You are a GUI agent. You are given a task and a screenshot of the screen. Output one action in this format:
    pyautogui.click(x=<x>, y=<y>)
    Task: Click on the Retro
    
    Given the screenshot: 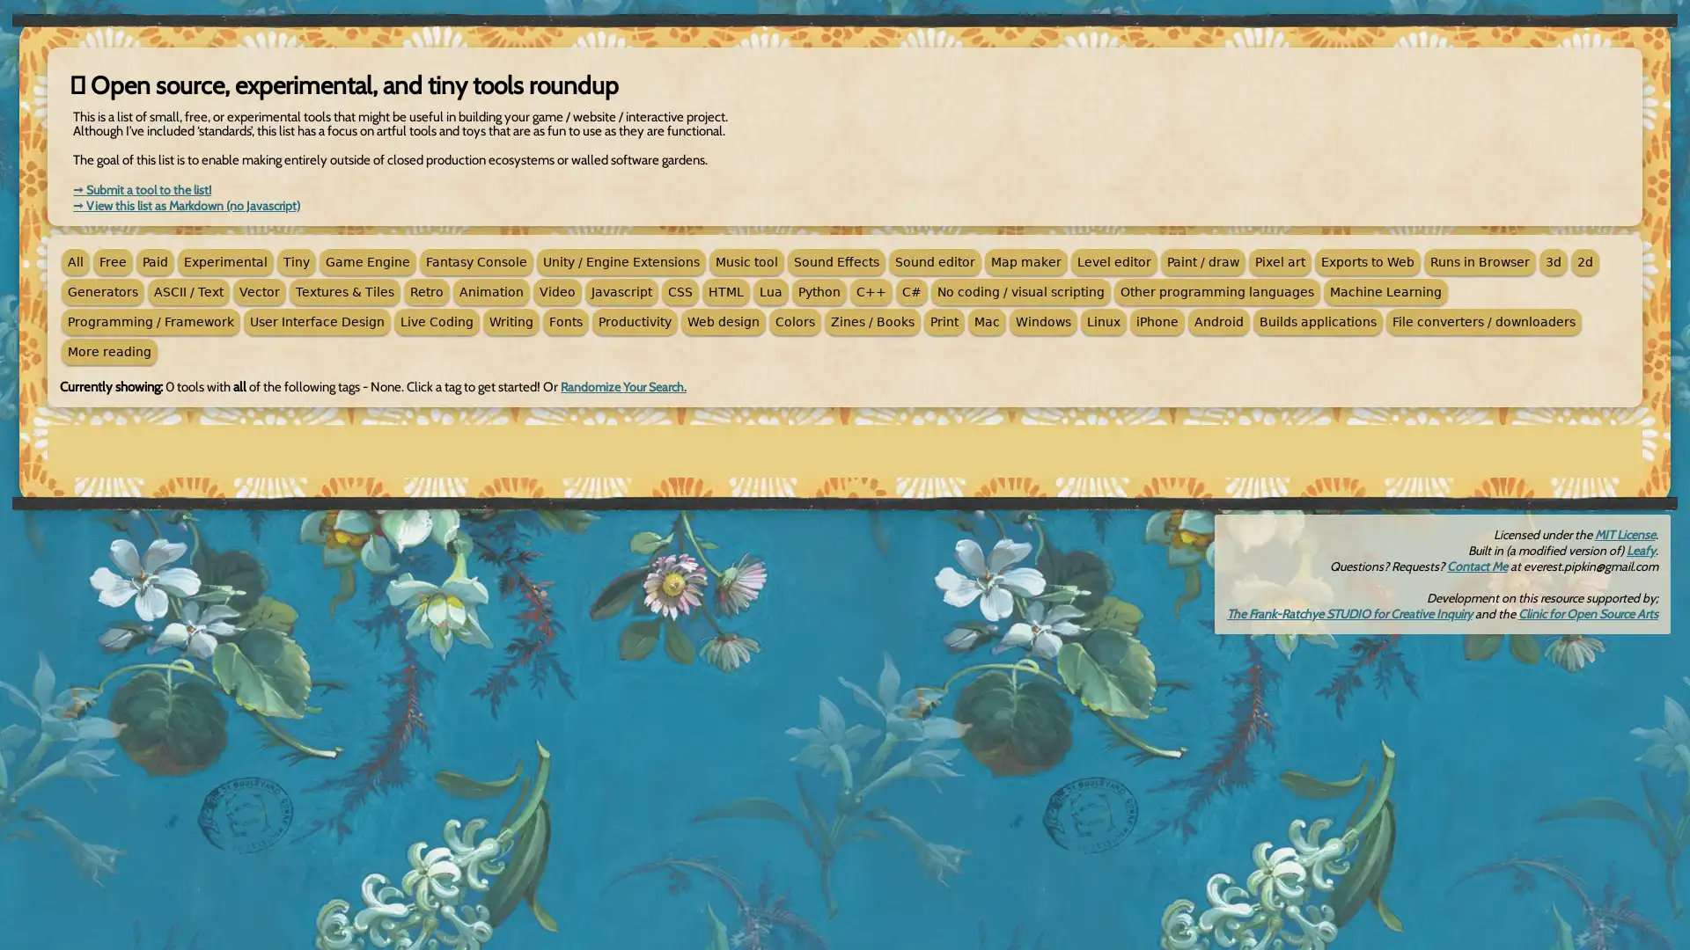 What is the action you would take?
    pyautogui.click(x=426, y=290)
    